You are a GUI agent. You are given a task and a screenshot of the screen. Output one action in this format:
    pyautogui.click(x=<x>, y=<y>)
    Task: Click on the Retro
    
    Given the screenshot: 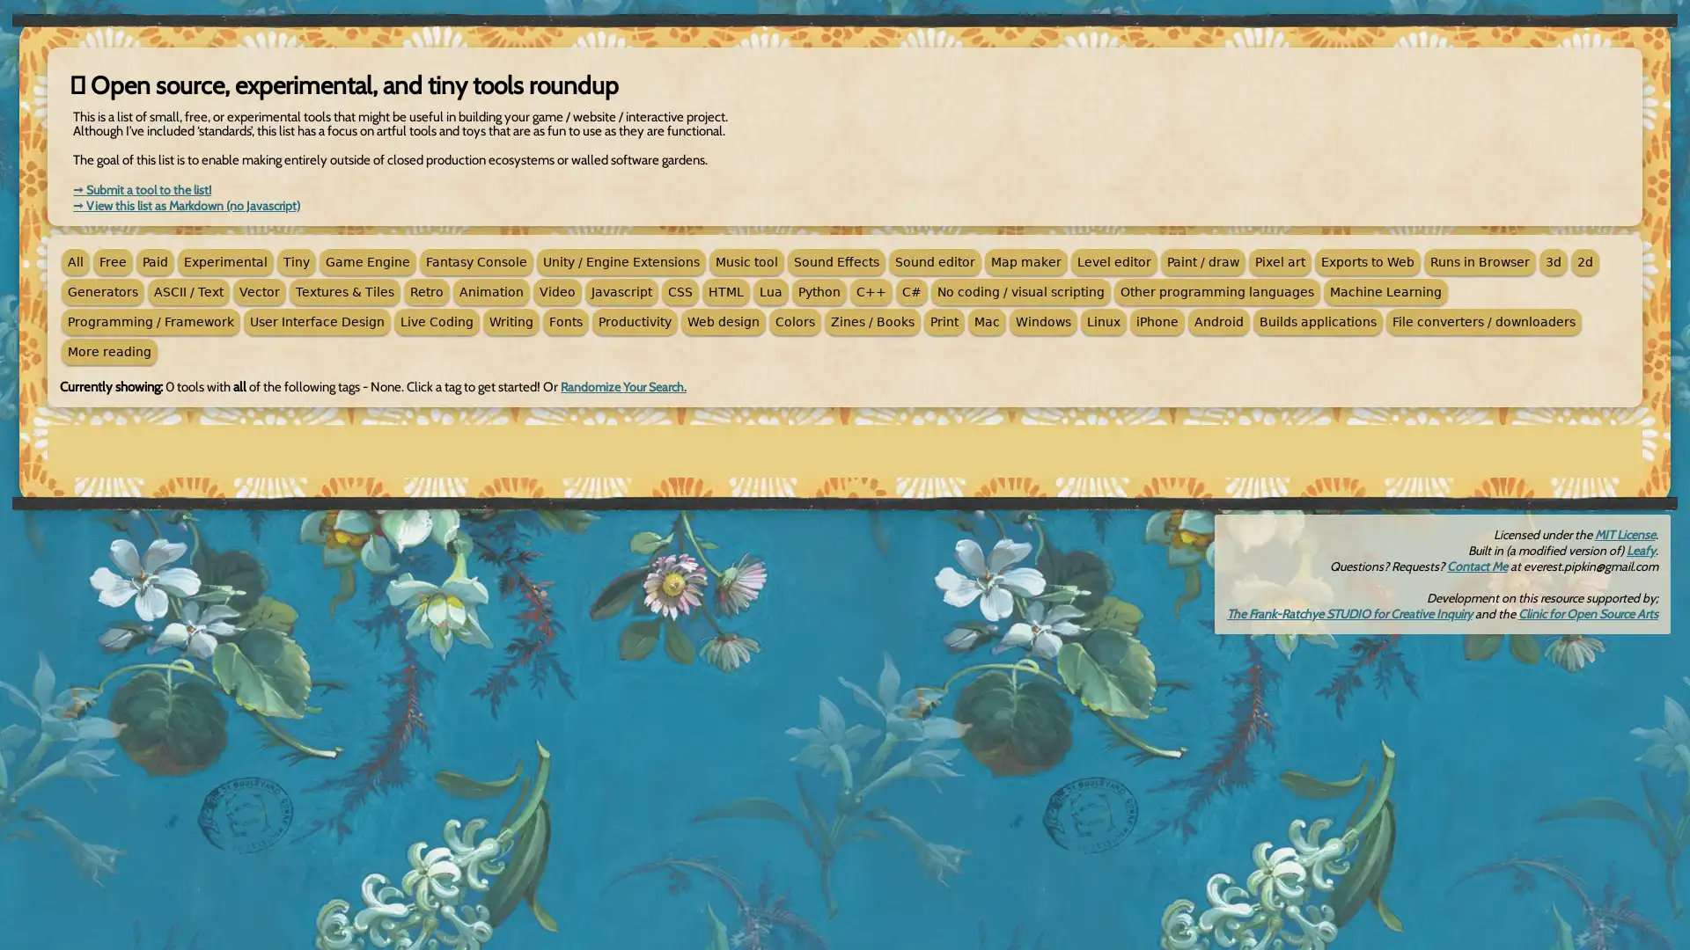 What is the action you would take?
    pyautogui.click(x=426, y=290)
    